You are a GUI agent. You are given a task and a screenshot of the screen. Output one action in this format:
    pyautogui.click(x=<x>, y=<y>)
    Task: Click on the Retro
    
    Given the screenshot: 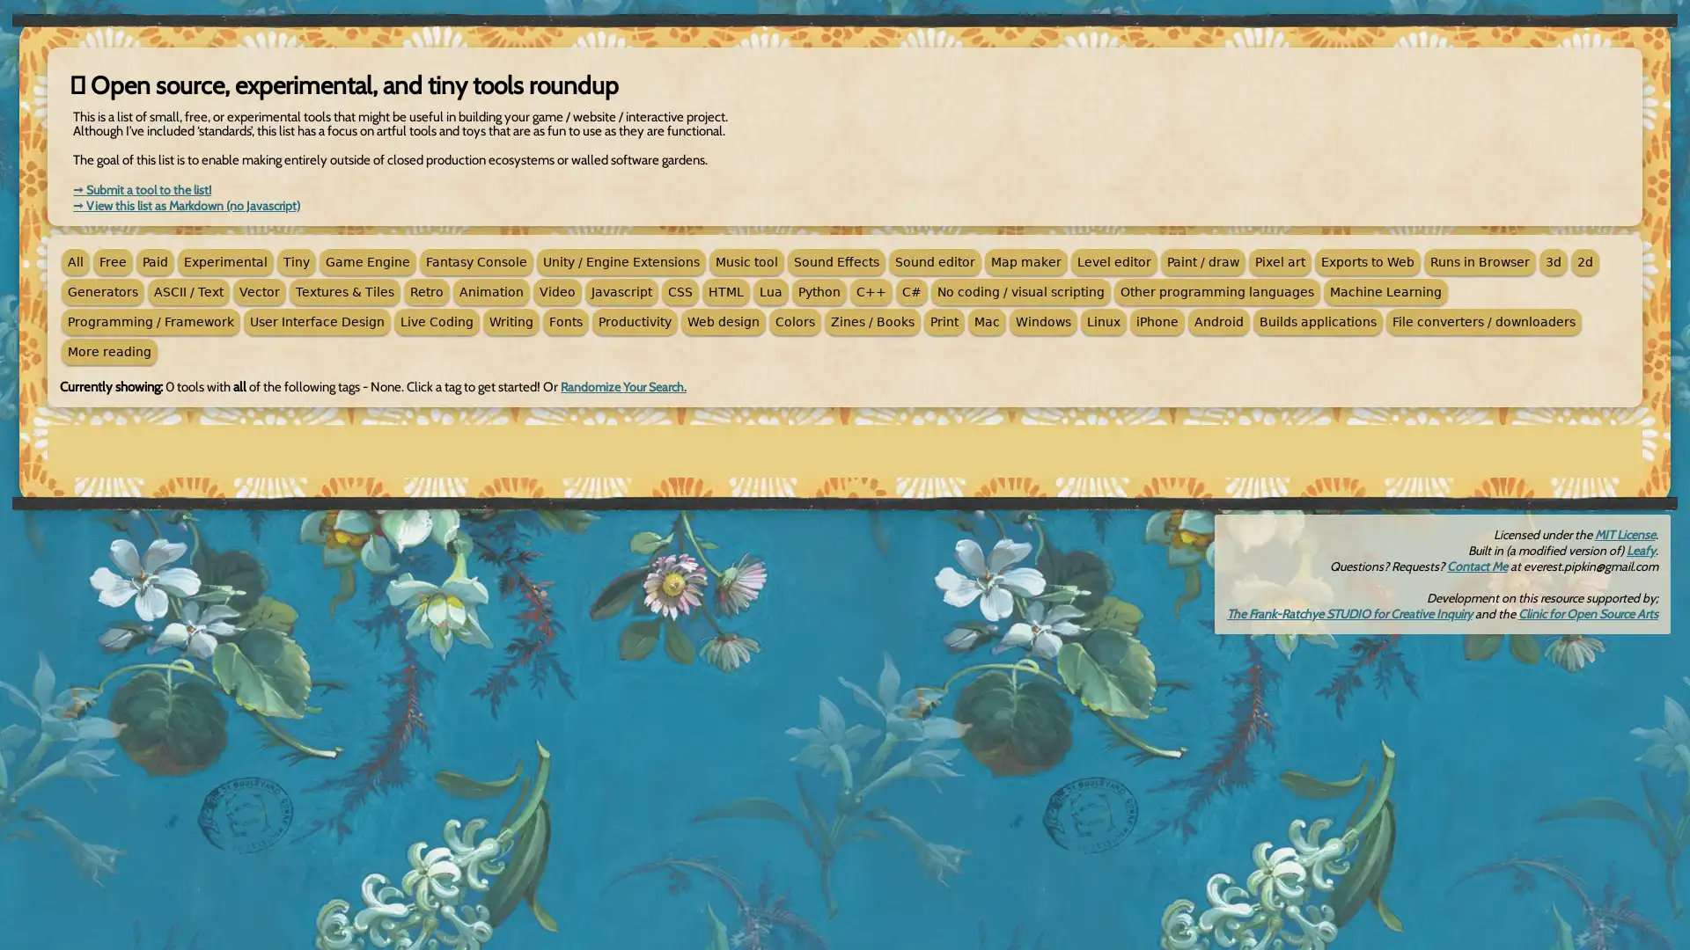 What is the action you would take?
    pyautogui.click(x=426, y=290)
    